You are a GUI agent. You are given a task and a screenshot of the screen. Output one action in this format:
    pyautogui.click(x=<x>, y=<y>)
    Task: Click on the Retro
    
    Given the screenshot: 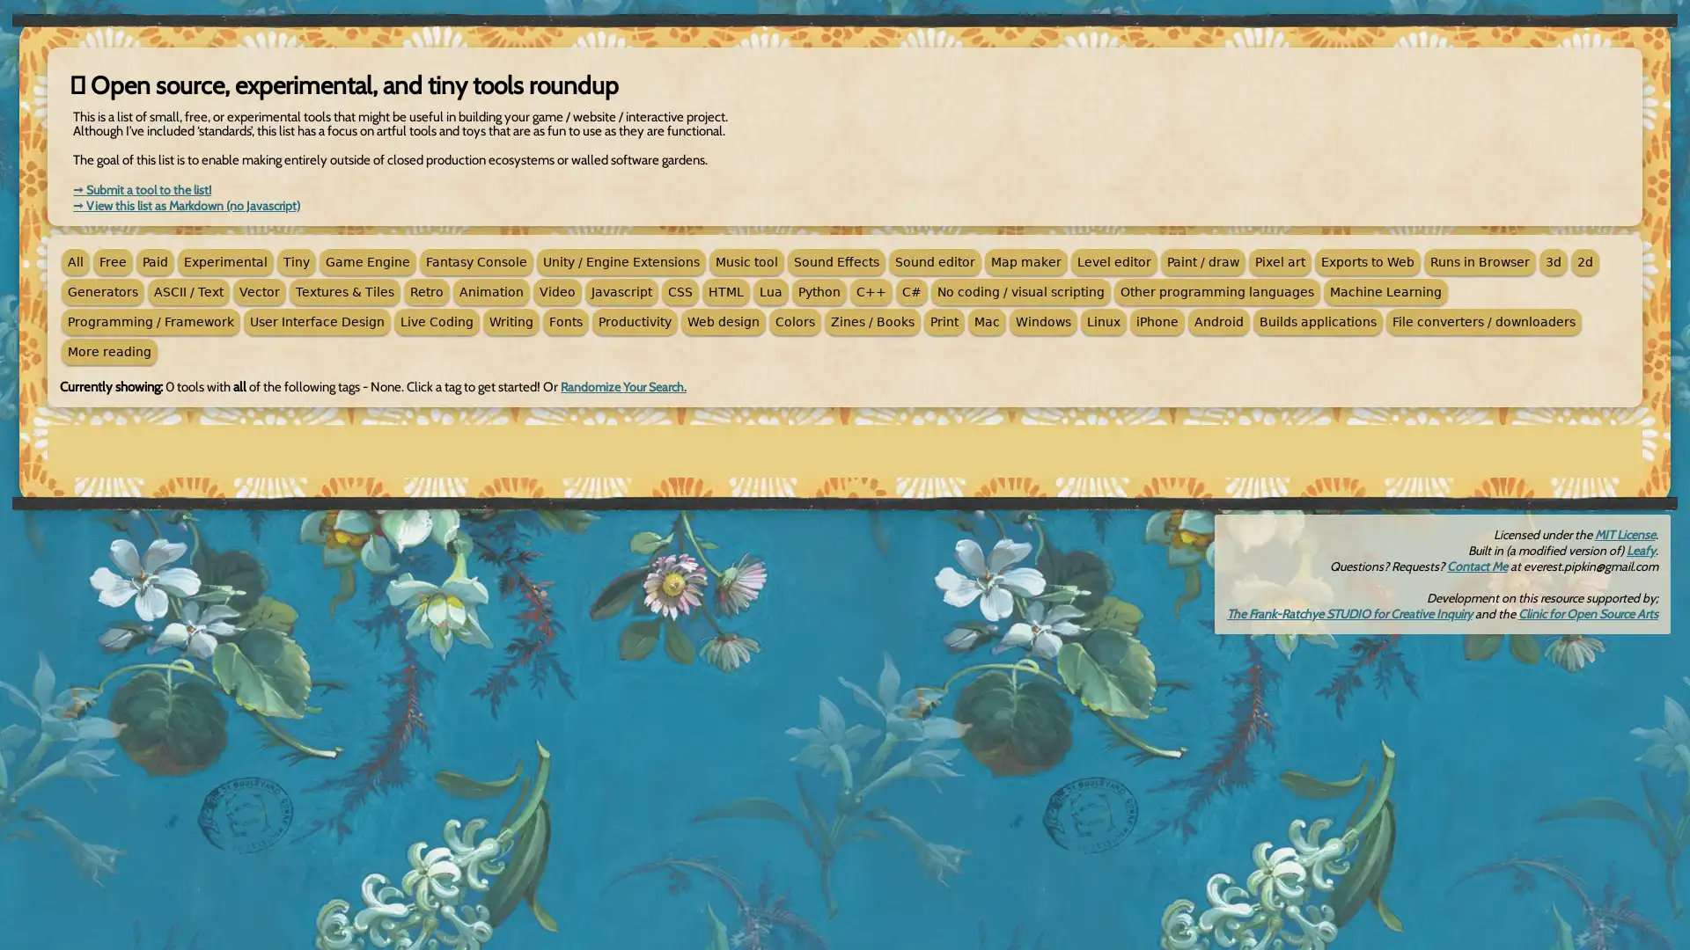 What is the action you would take?
    pyautogui.click(x=426, y=290)
    